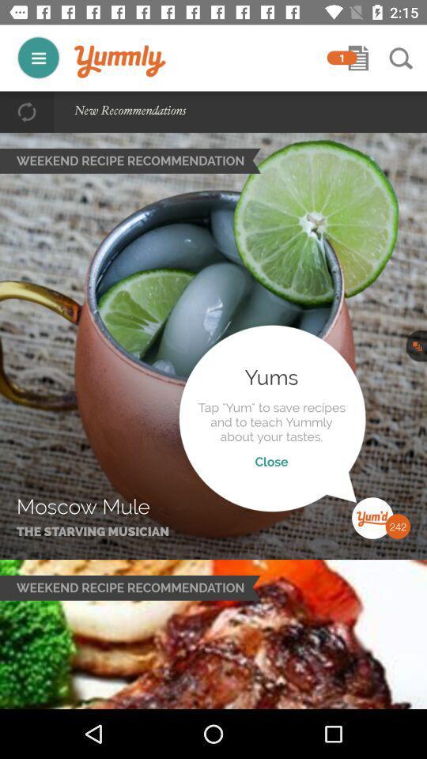 The height and width of the screenshot is (759, 427). What do you see at coordinates (38, 58) in the screenshot?
I see `open menu` at bounding box center [38, 58].